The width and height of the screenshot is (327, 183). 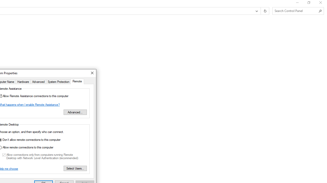 What do you see at coordinates (38, 81) in the screenshot?
I see `'Advanced'` at bounding box center [38, 81].